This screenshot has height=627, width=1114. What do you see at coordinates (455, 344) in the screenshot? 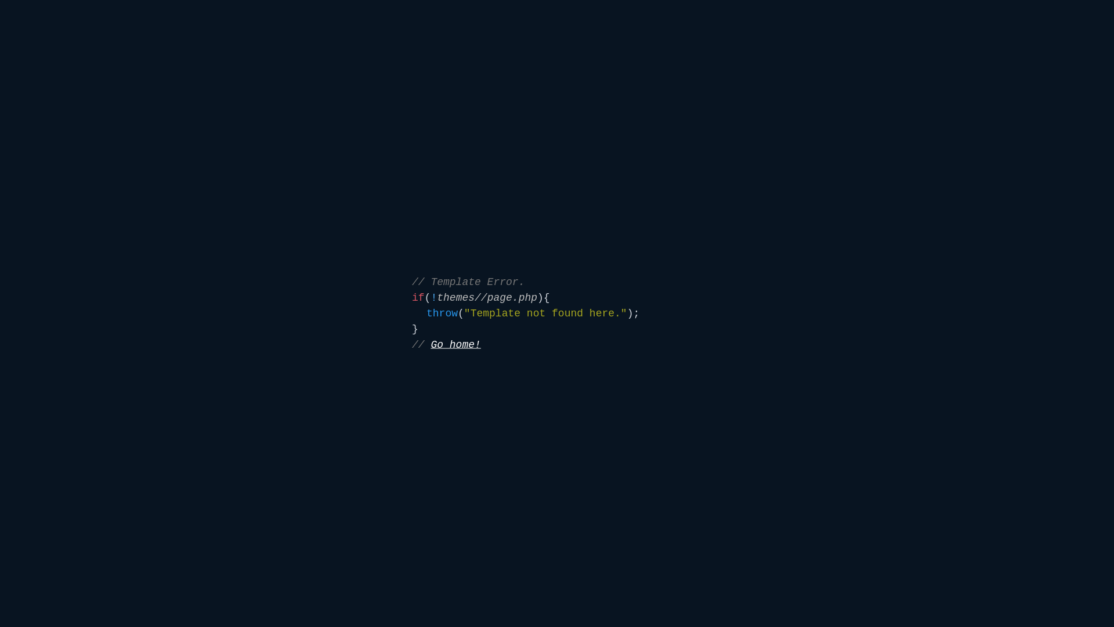
I see `'Go home!'` at bounding box center [455, 344].